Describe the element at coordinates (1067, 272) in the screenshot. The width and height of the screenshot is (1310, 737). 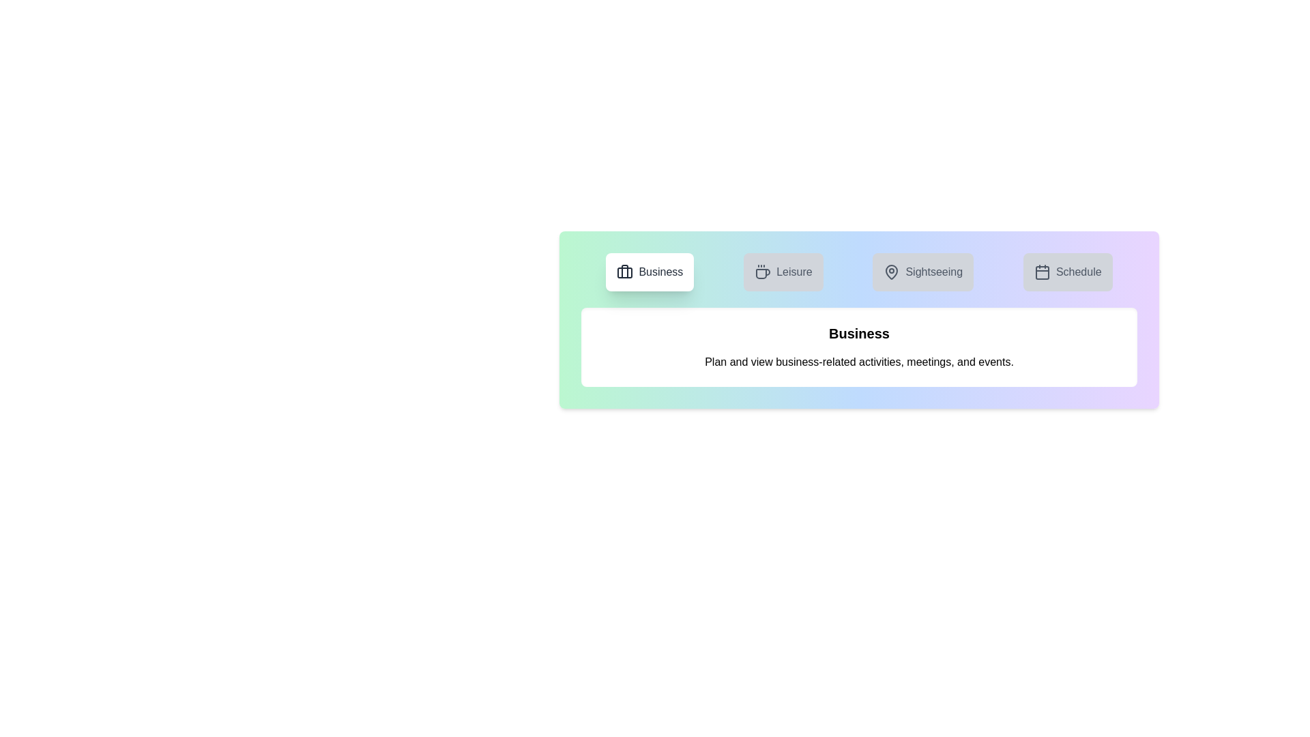
I see `the tab labeled Schedule to view its content` at that location.